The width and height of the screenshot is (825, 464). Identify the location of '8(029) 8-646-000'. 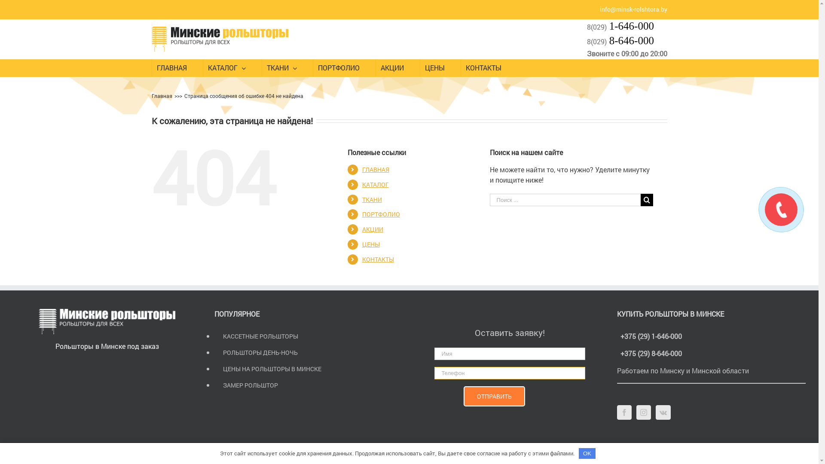
(620, 41).